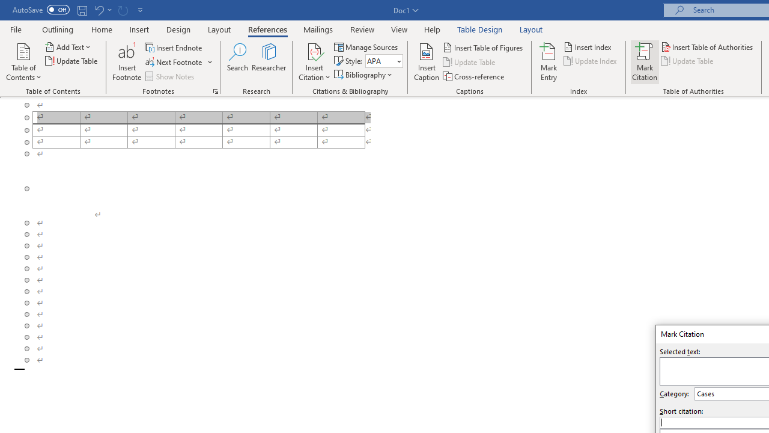  I want to click on 'Style', so click(383, 61).